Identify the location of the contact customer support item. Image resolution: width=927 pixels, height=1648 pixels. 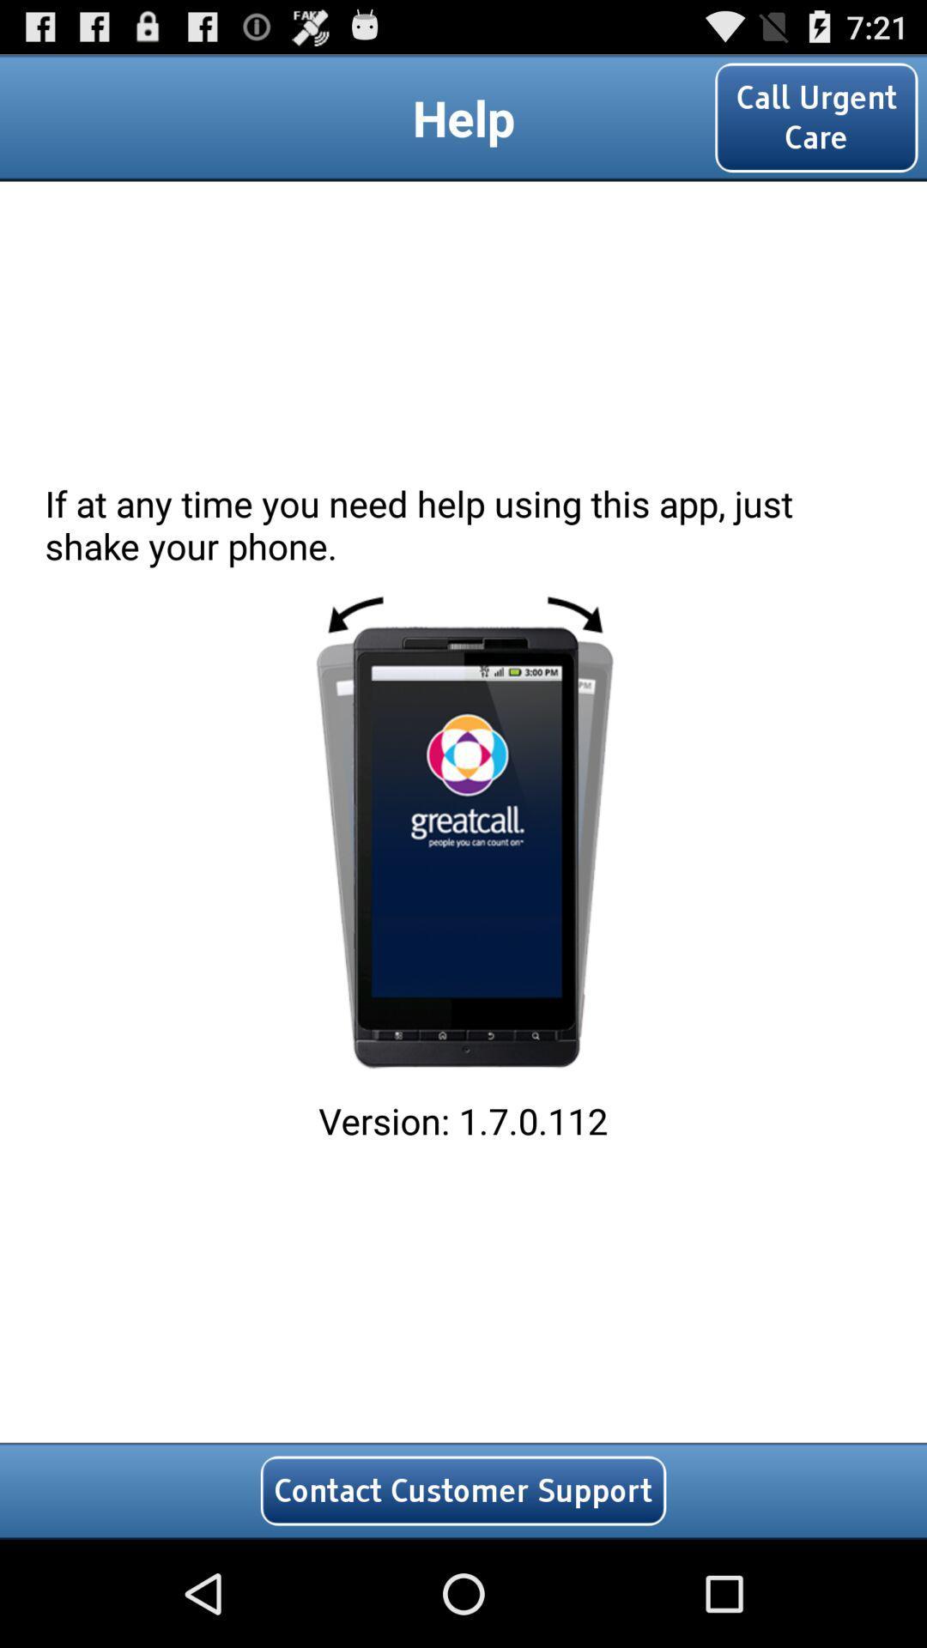
(463, 1490).